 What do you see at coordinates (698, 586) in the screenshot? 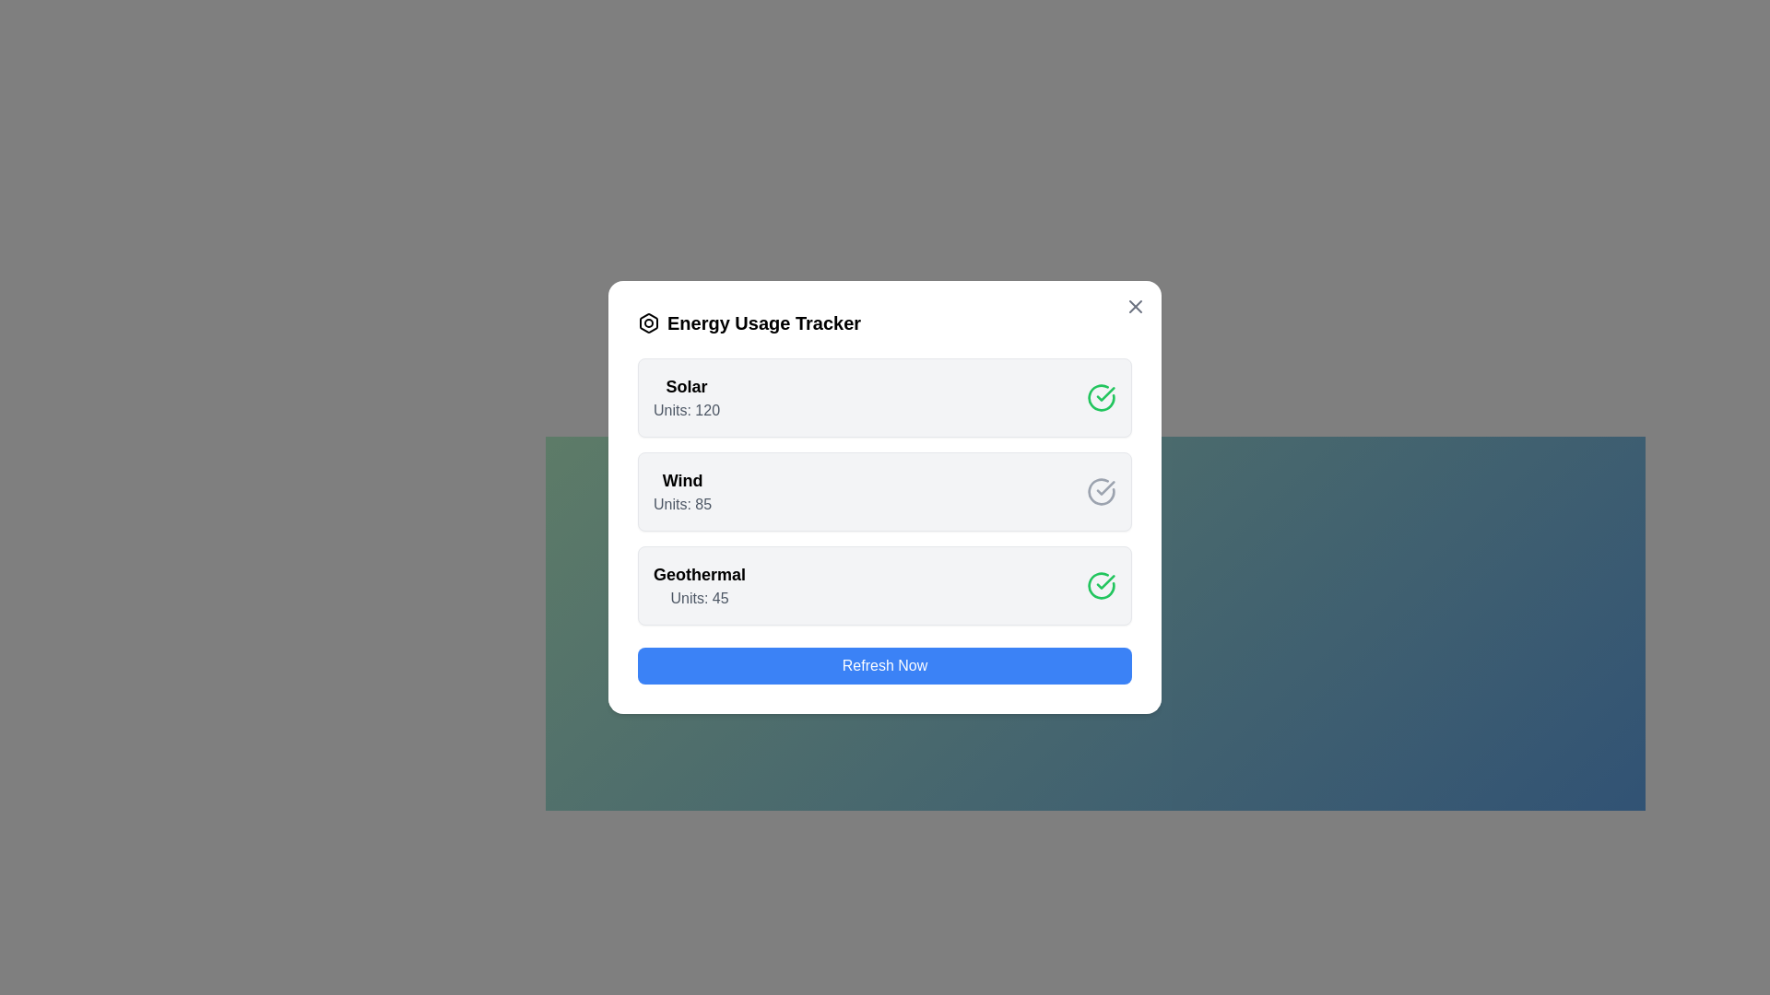
I see `displayed information from the Text display showing geothermal energy usage, which is the third item in the vertical list below 'Solar Units: 120' and 'Wind Units: 85'` at bounding box center [698, 586].